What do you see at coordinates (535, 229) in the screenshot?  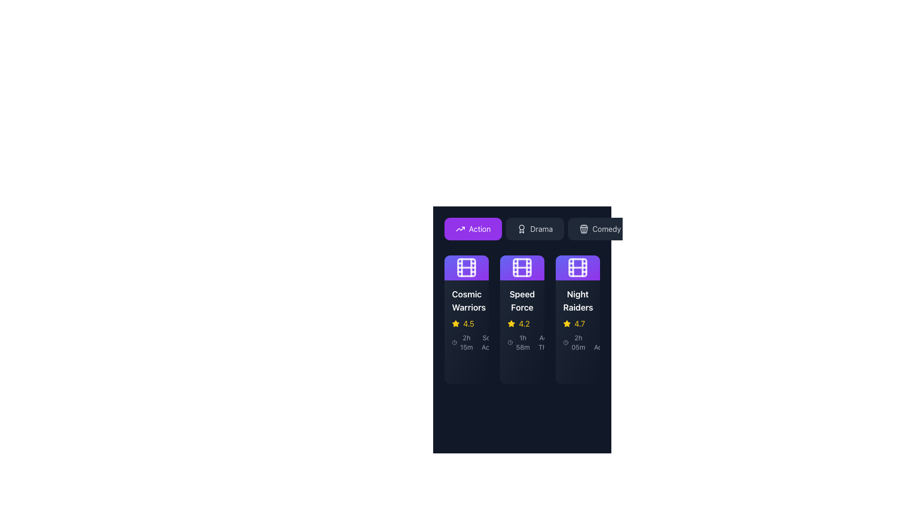 I see `the 'Drama' button, which is a rectangular button with a dark gray background and an award ribbon icon to the left of the text, positioned centrally above movie cards` at bounding box center [535, 229].